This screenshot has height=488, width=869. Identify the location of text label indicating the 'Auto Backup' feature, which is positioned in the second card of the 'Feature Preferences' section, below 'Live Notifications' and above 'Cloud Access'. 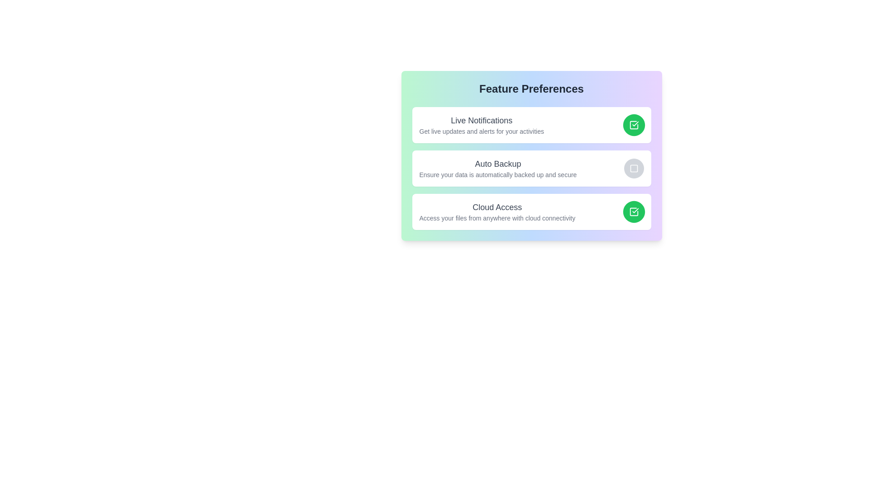
(497, 164).